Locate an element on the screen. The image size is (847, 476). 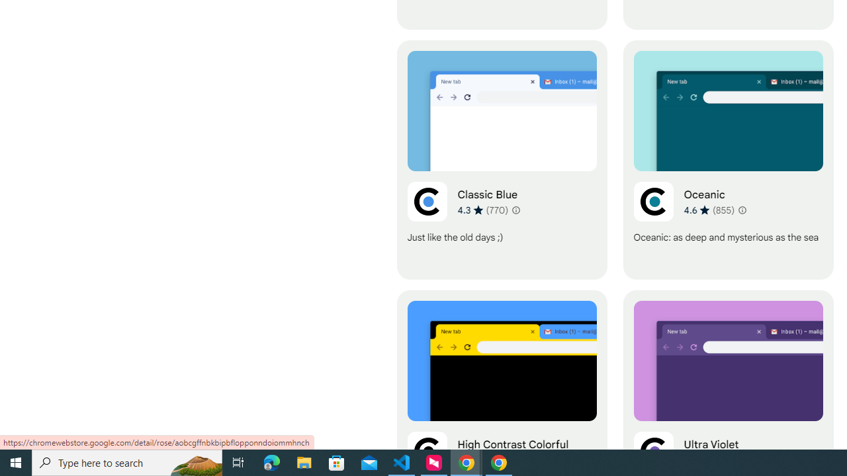
'Average rating 4.3 out of 5 stars. 770 ratings.' is located at coordinates (482, 209).